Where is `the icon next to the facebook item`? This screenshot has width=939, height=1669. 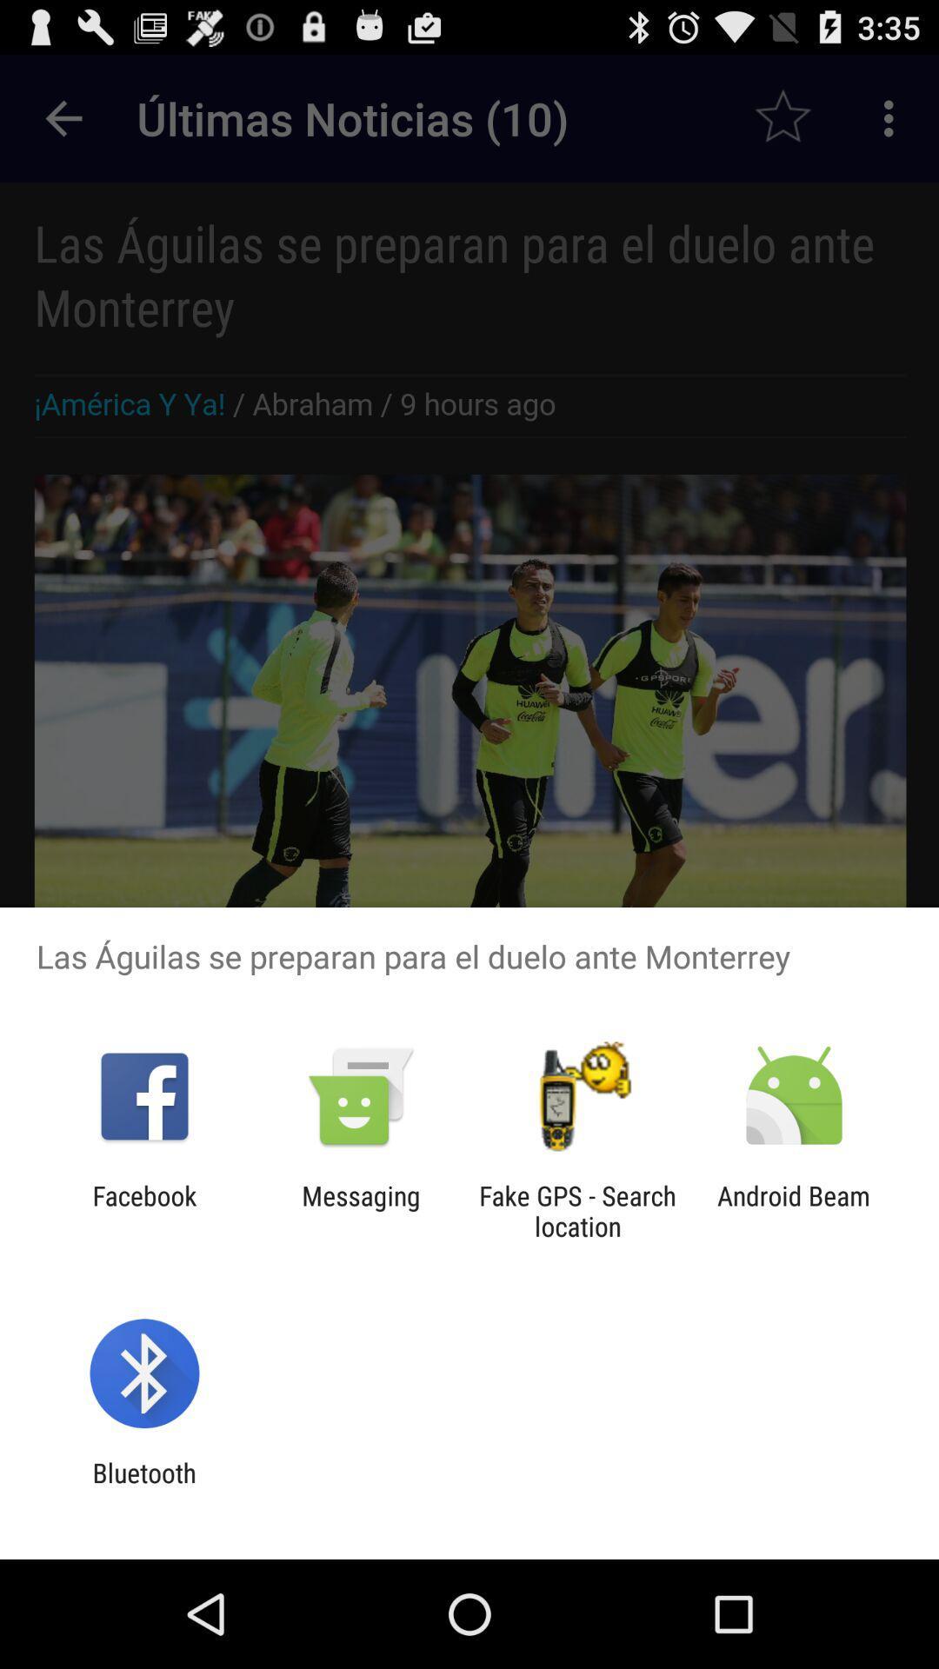 the icon next to the facebook item is located at coordinates (360, 1210).